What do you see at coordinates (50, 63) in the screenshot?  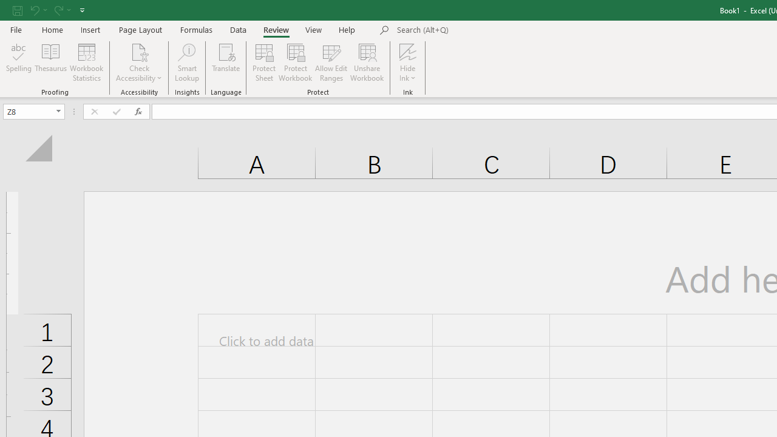 I see `'Thesaurus...'` at bounding box center [50, 63].